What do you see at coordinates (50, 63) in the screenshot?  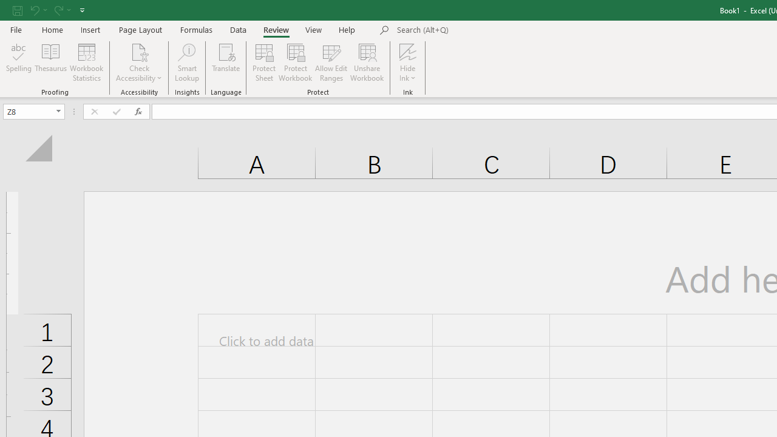 I see `'Thesaurus...'` at bounding box center [50, 63].